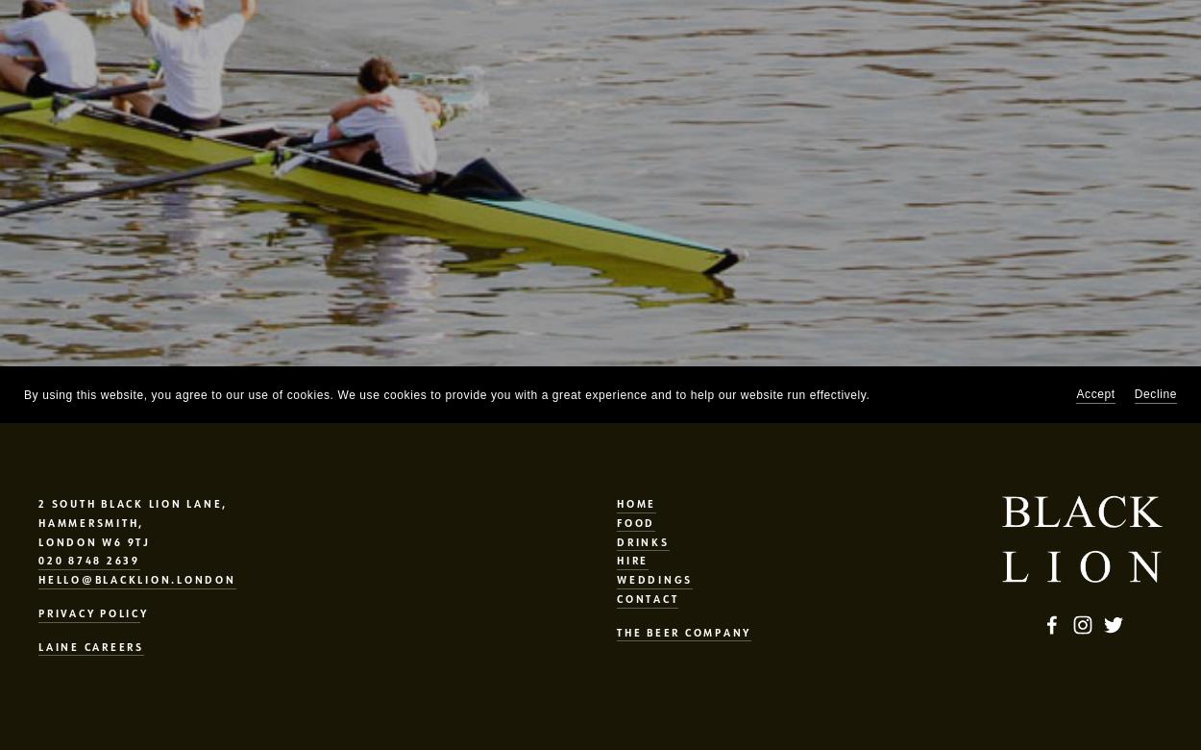 This screenshot has height=750, width=1201. What do you see at coordinates (632, 559) in the screenshot?
I see `'hire'` at bounding box center [632, 559].